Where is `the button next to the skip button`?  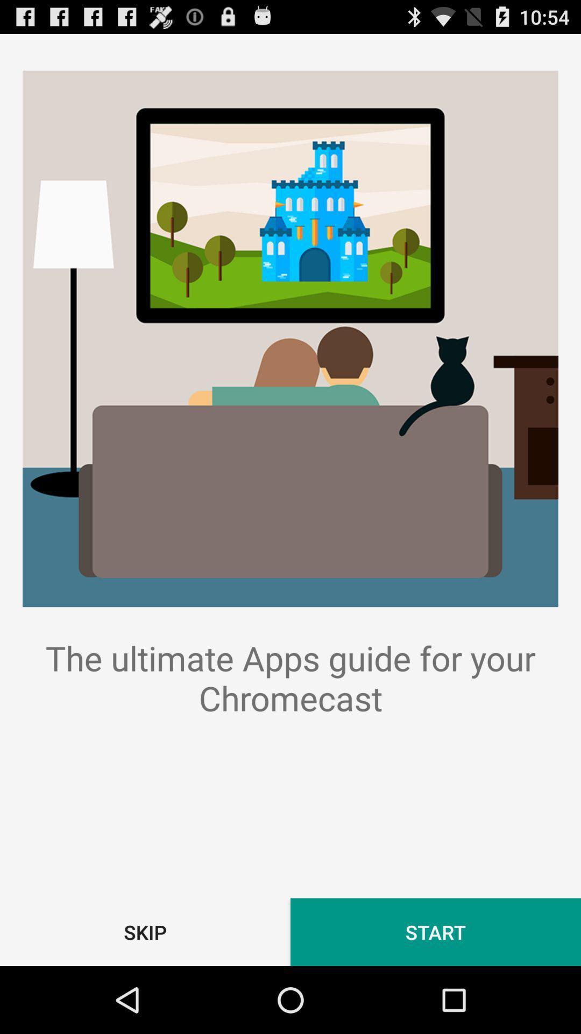 the button next to the skip button is located at coordinates (436, 932).